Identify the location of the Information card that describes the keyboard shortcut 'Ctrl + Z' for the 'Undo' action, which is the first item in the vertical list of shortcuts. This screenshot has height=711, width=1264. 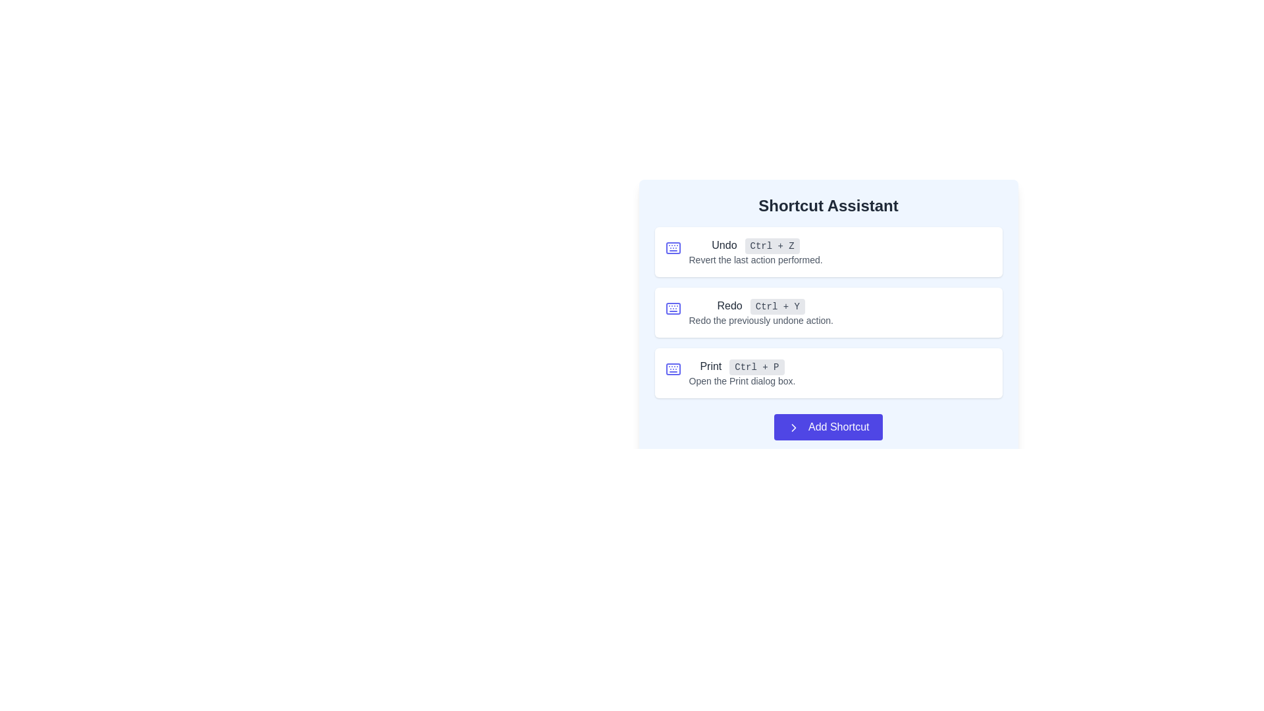
(828, 251).